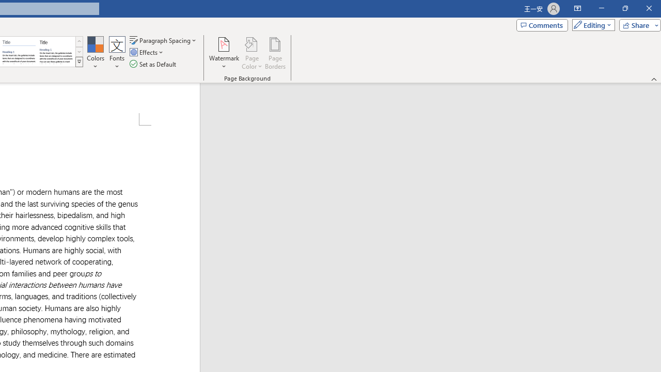 This screenshot has width=661, height=372. What do you see at coordinates (252, 53) in the screenshot?
I see `'Page Color'` at bounding box center [252, 53].